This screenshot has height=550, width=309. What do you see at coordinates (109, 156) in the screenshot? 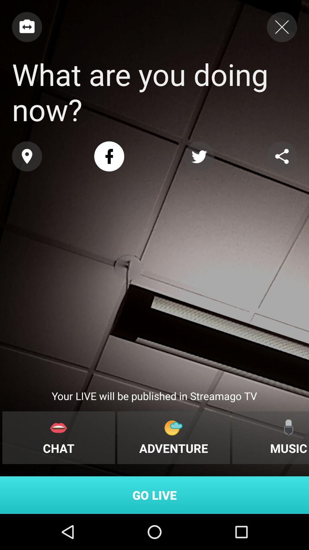
I see `facebook option` at bounding box center [109, 156].